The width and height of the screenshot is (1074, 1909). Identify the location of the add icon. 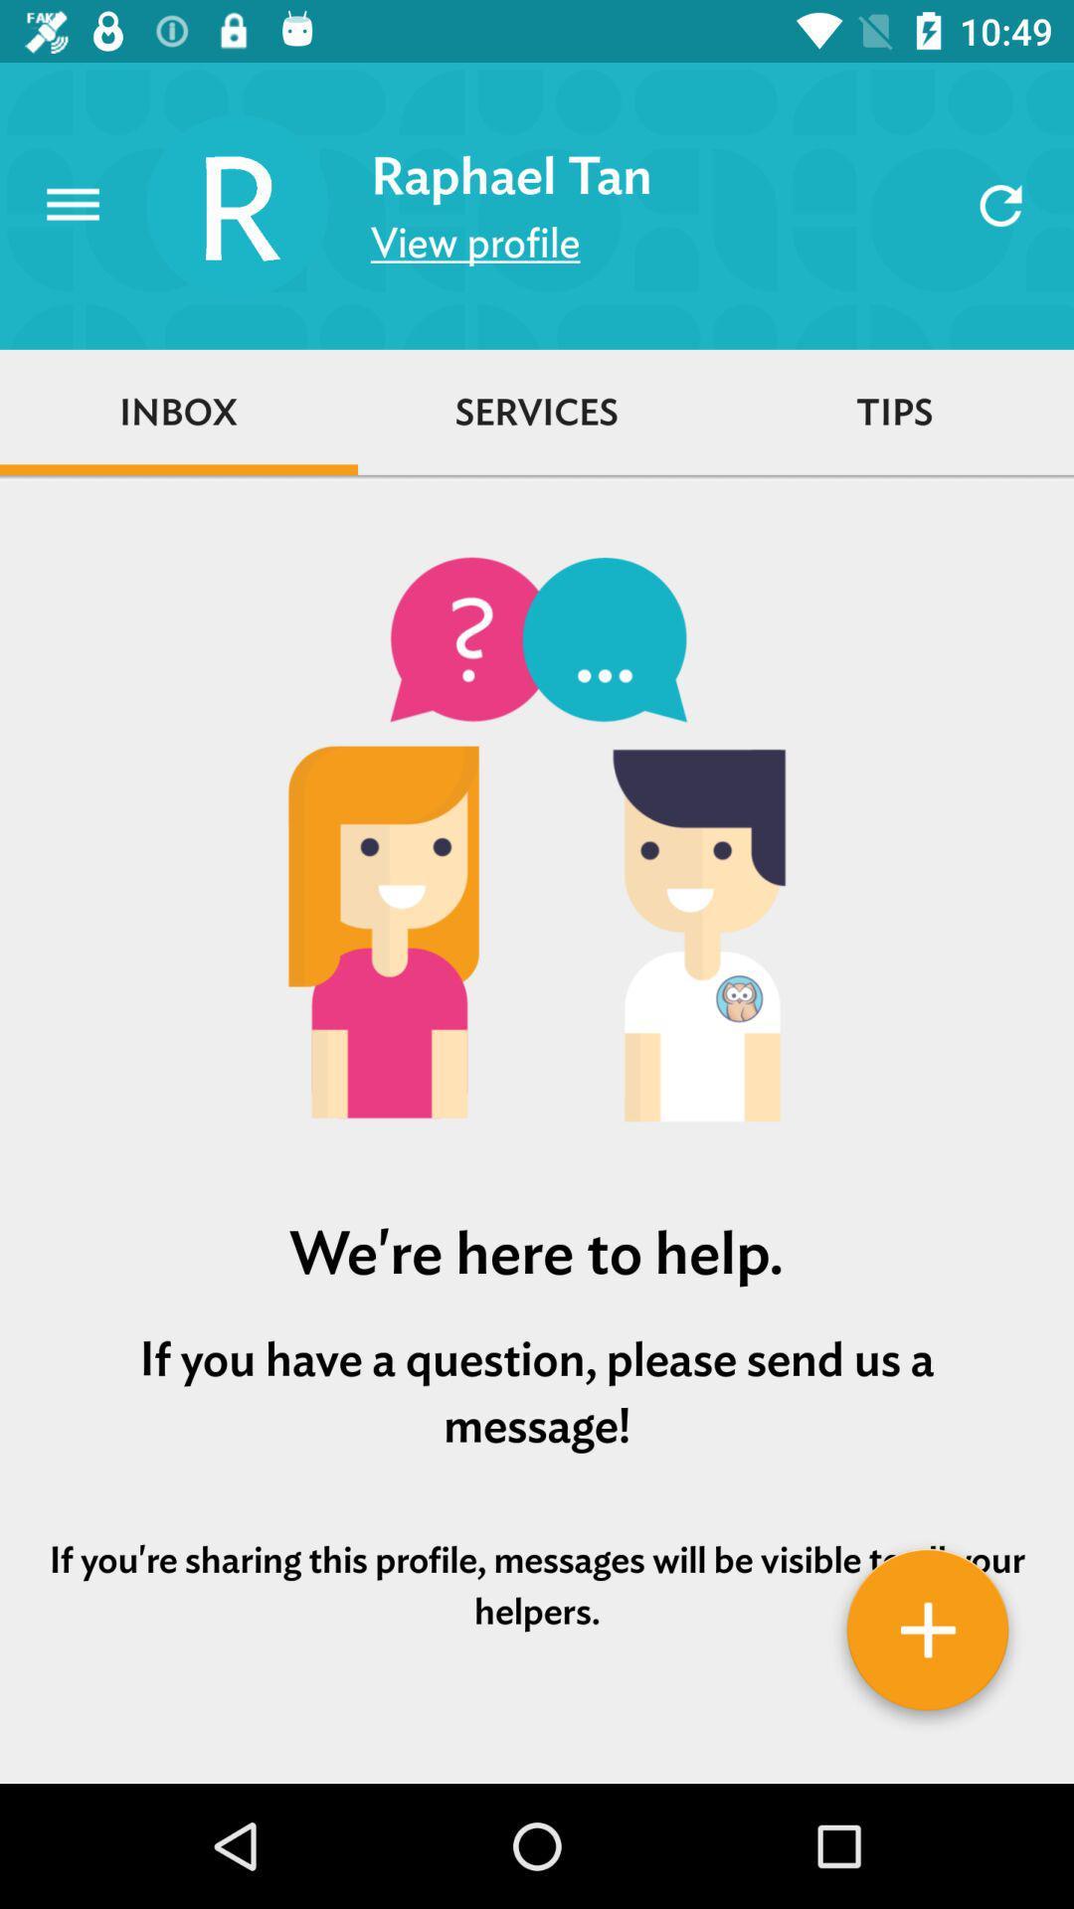
(928, 1637).